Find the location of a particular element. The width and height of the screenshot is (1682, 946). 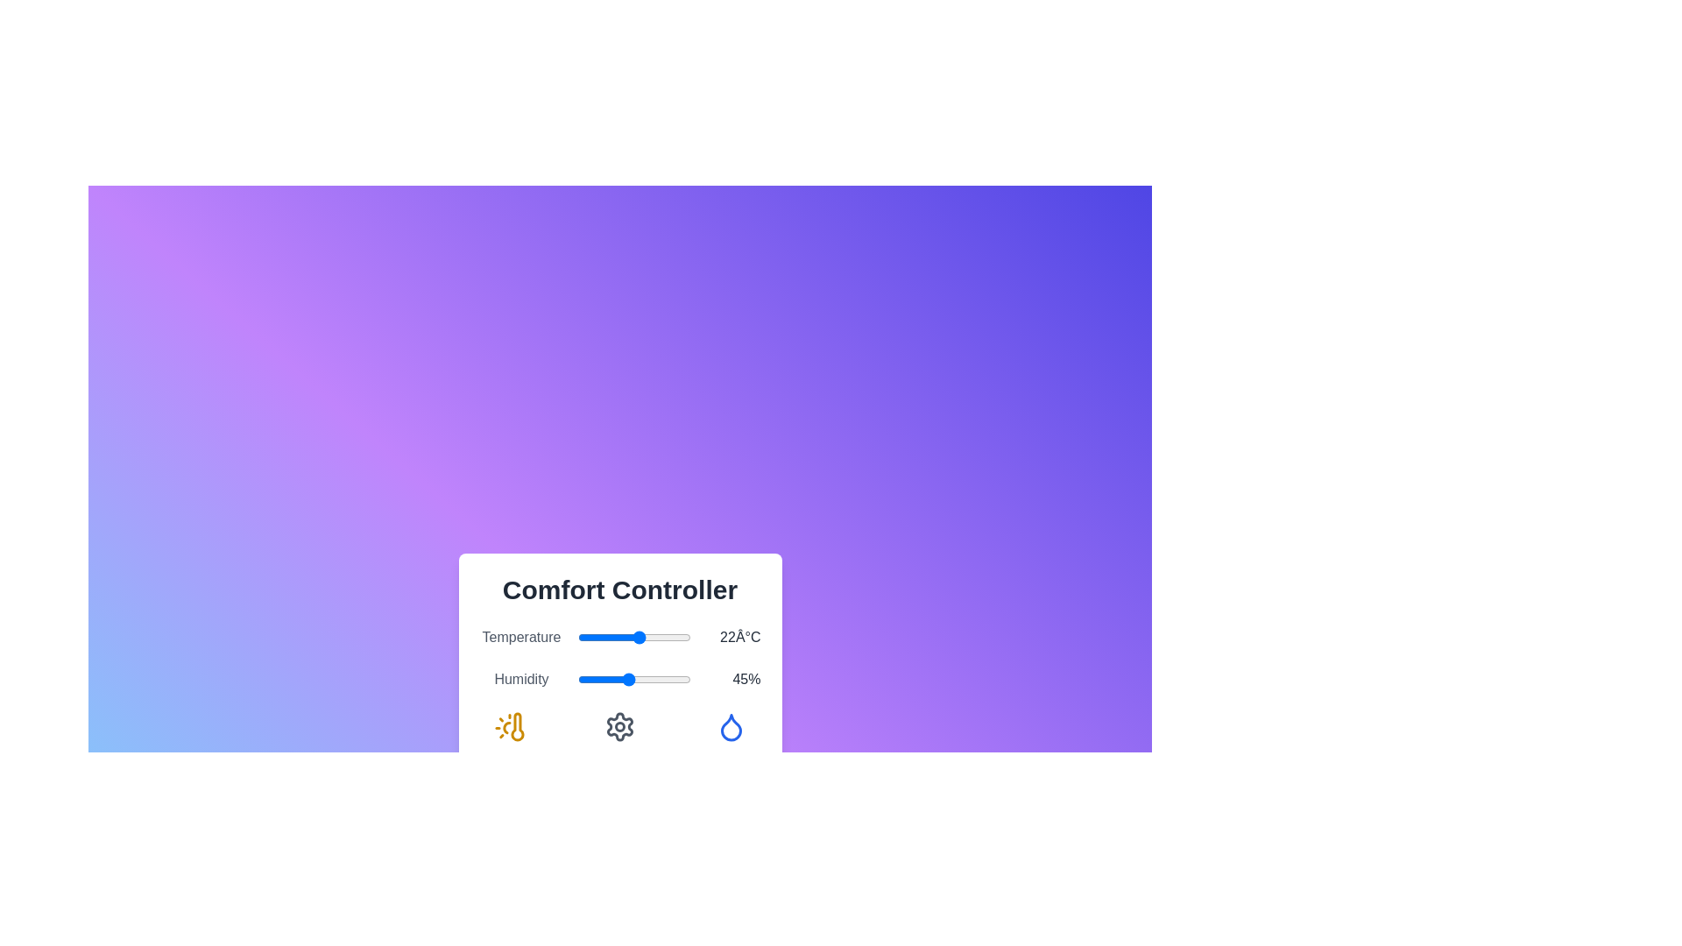

the temperature slider to set the temperature to 22°C is located at coordinates (639, 638).